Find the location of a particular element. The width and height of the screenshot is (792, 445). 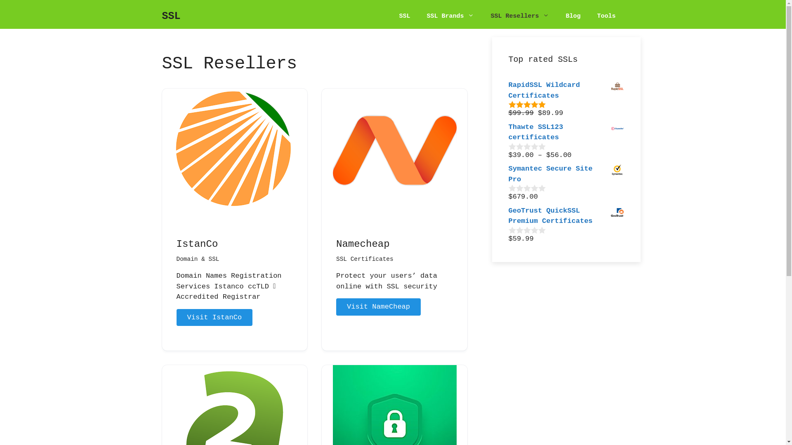

'GeoTrust QuickSSL Premium Certificates' is located at coordinates (508, 215).